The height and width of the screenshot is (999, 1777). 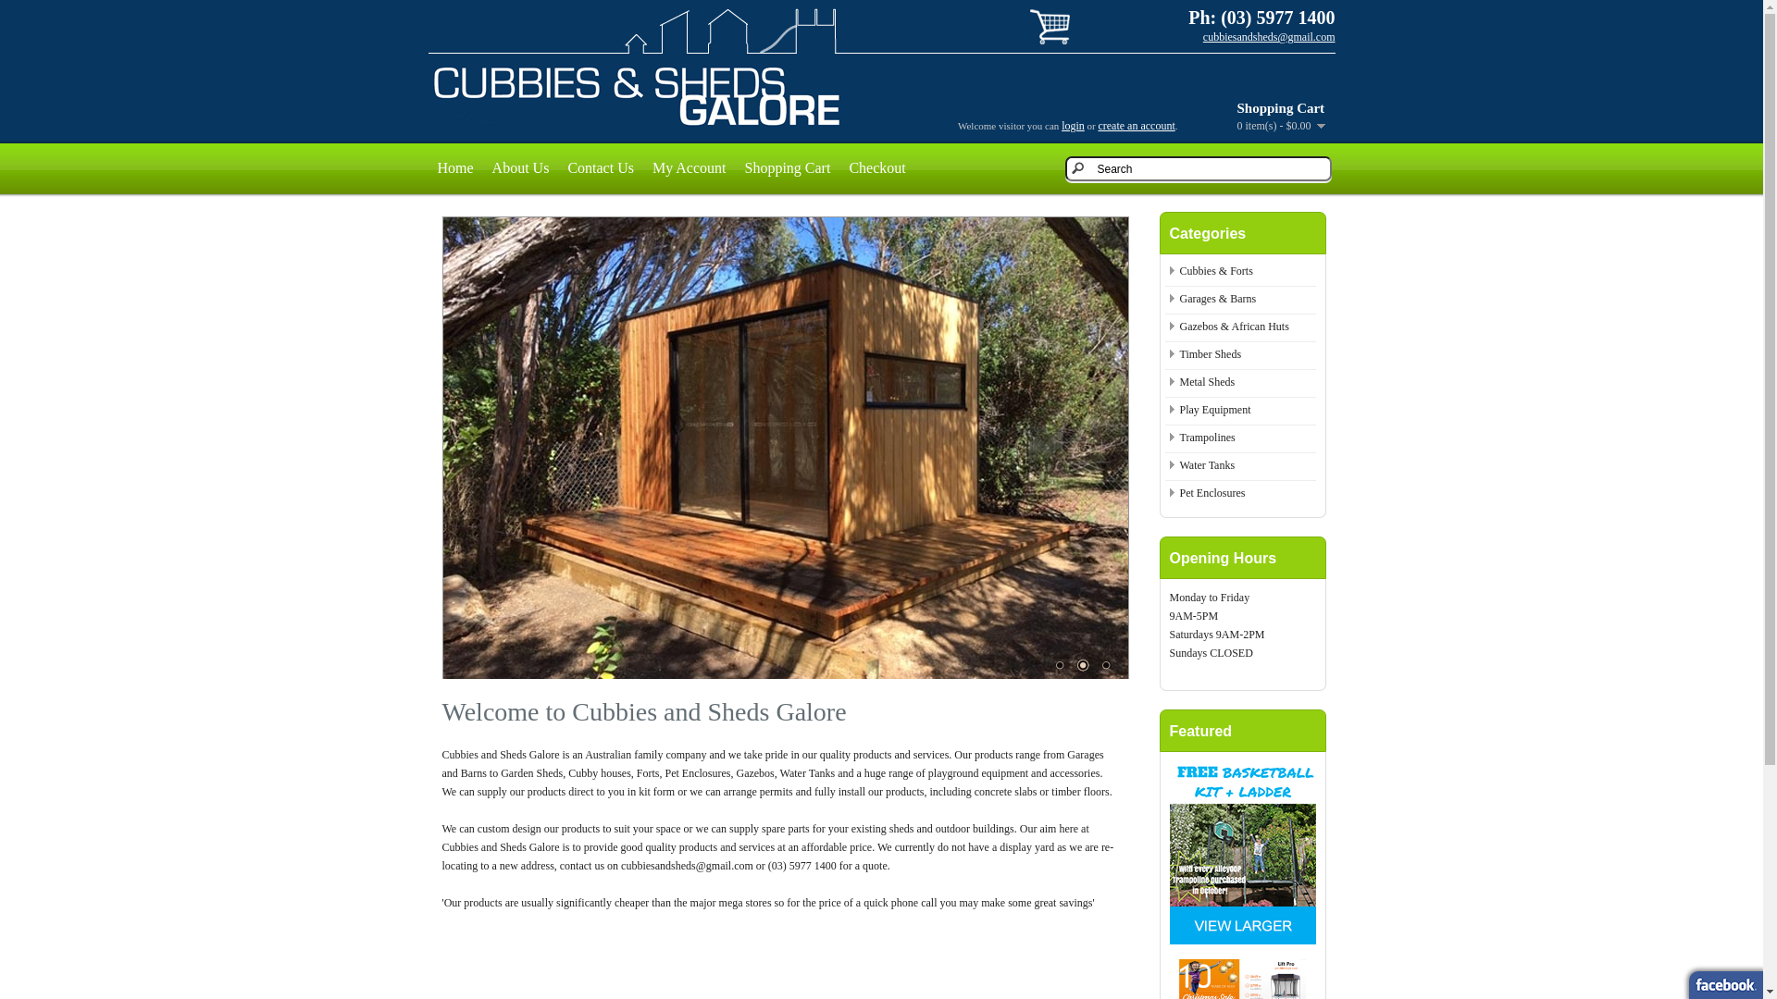 What do you see at coordinates (1217, 298) in the screenshot?
I see `'Garages & Barns'` at bounding box center [1217, 298].